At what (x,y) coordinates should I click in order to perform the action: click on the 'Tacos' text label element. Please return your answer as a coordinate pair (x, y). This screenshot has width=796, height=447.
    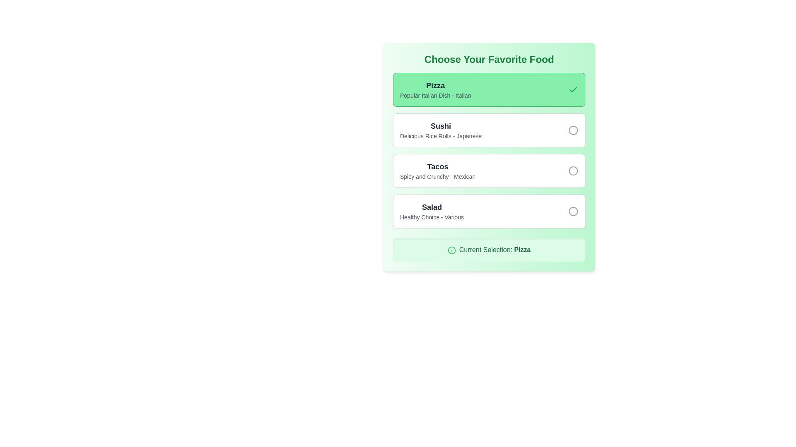
    Looking at the image, I should click on (437, 170).